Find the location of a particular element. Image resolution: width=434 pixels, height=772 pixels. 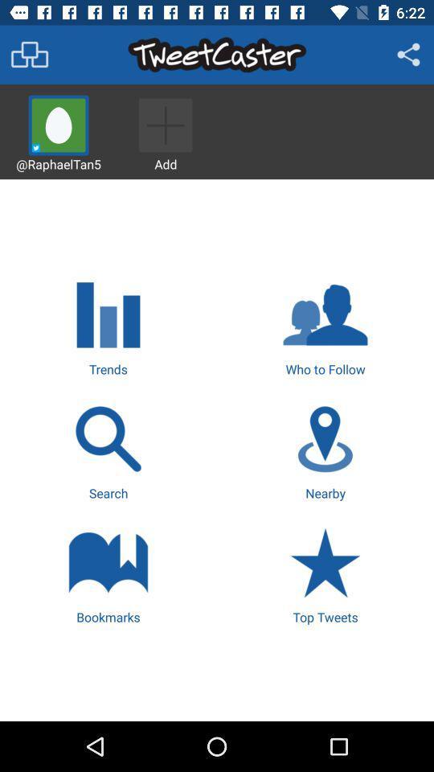

item to the left of the who to follow is located at coordinates (108, 325).